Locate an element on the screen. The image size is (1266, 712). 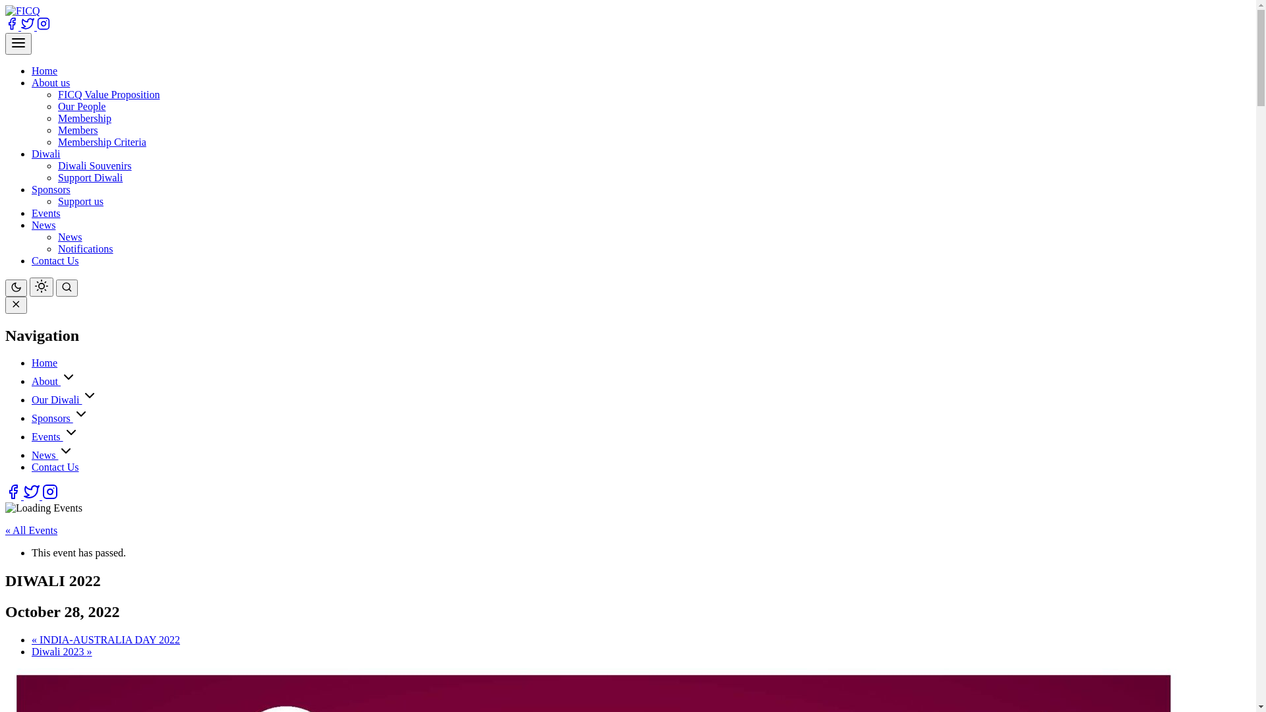
'Sponsors' is located at coordinates (51, 189).